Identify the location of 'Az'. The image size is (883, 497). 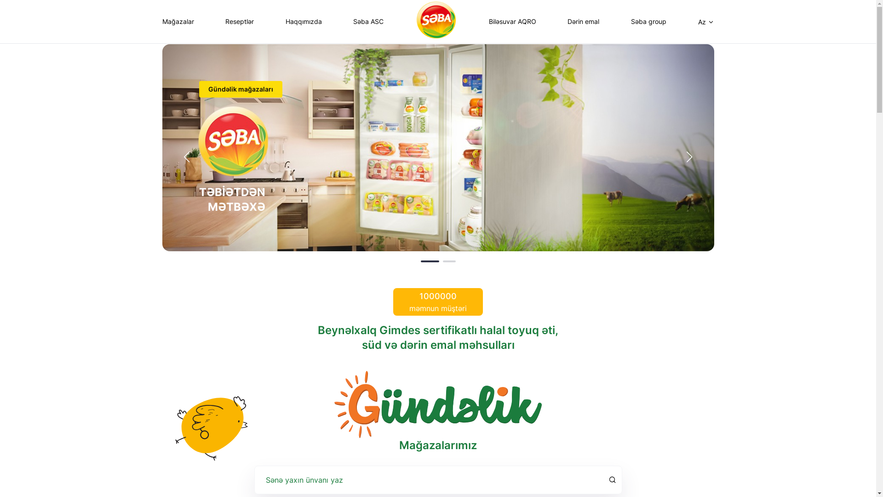
(705, 21).